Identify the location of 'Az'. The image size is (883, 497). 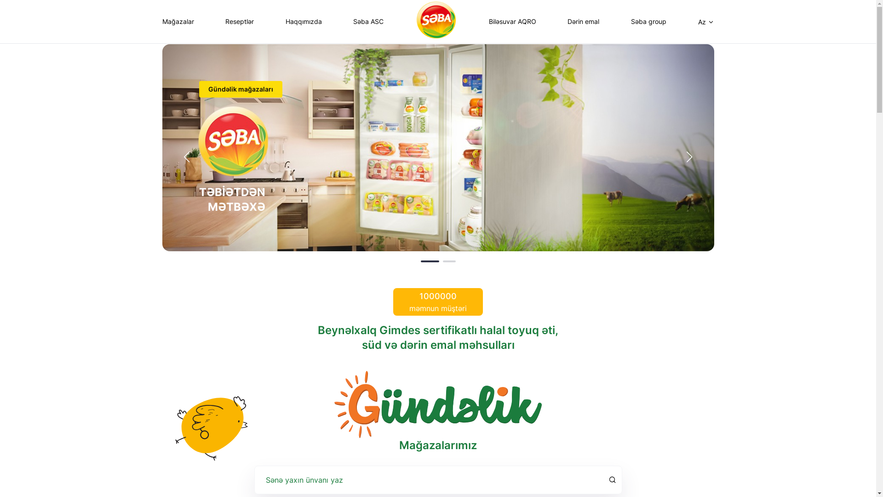
(705, 21).